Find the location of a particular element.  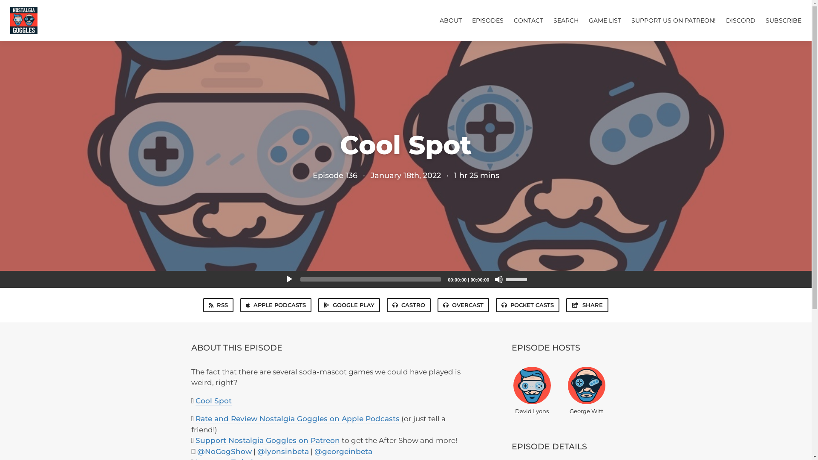

'SUPPORT US ON PATREON!' is located at coordinates (631, 20).